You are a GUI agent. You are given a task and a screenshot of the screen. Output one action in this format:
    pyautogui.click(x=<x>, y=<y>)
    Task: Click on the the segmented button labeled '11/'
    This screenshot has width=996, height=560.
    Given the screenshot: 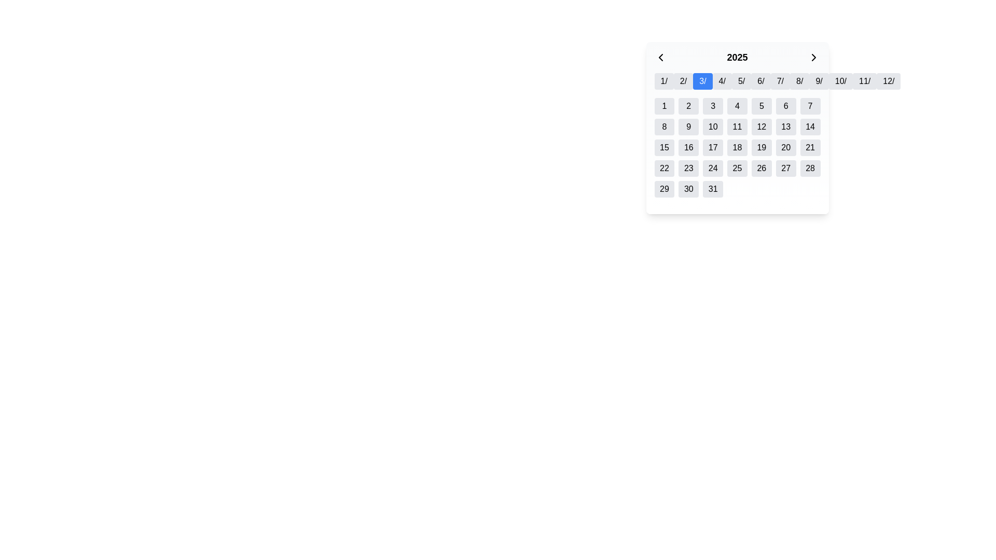 What is the action you would take?
    pyautogui.click(x=865, y=81)
    